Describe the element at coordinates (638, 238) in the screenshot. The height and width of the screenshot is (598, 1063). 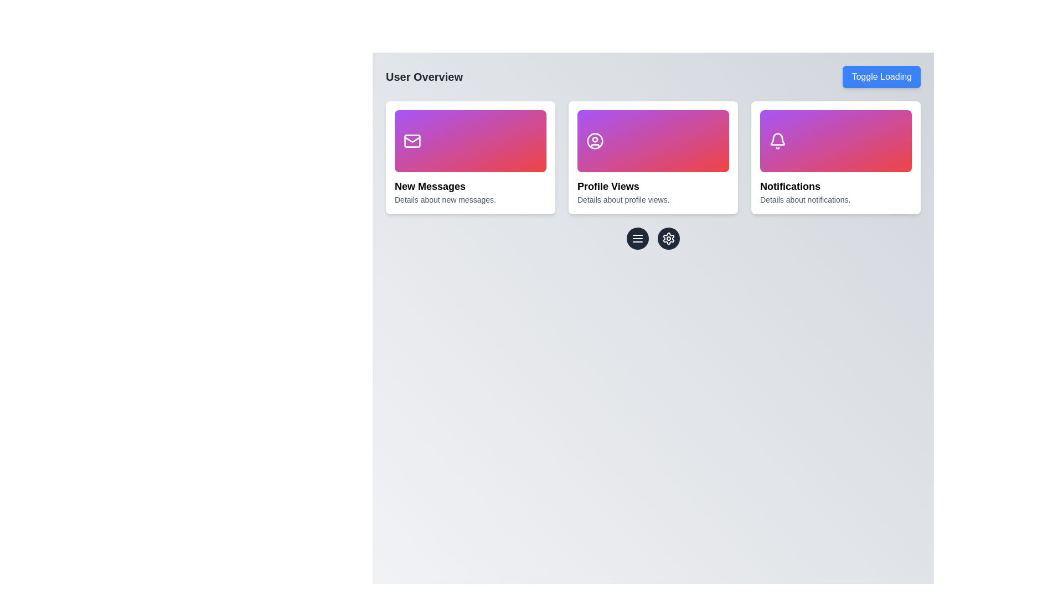
I see `the button located towards the bottom center of the interface, to the left of a similar circular button with a settings gear icon` at that location.